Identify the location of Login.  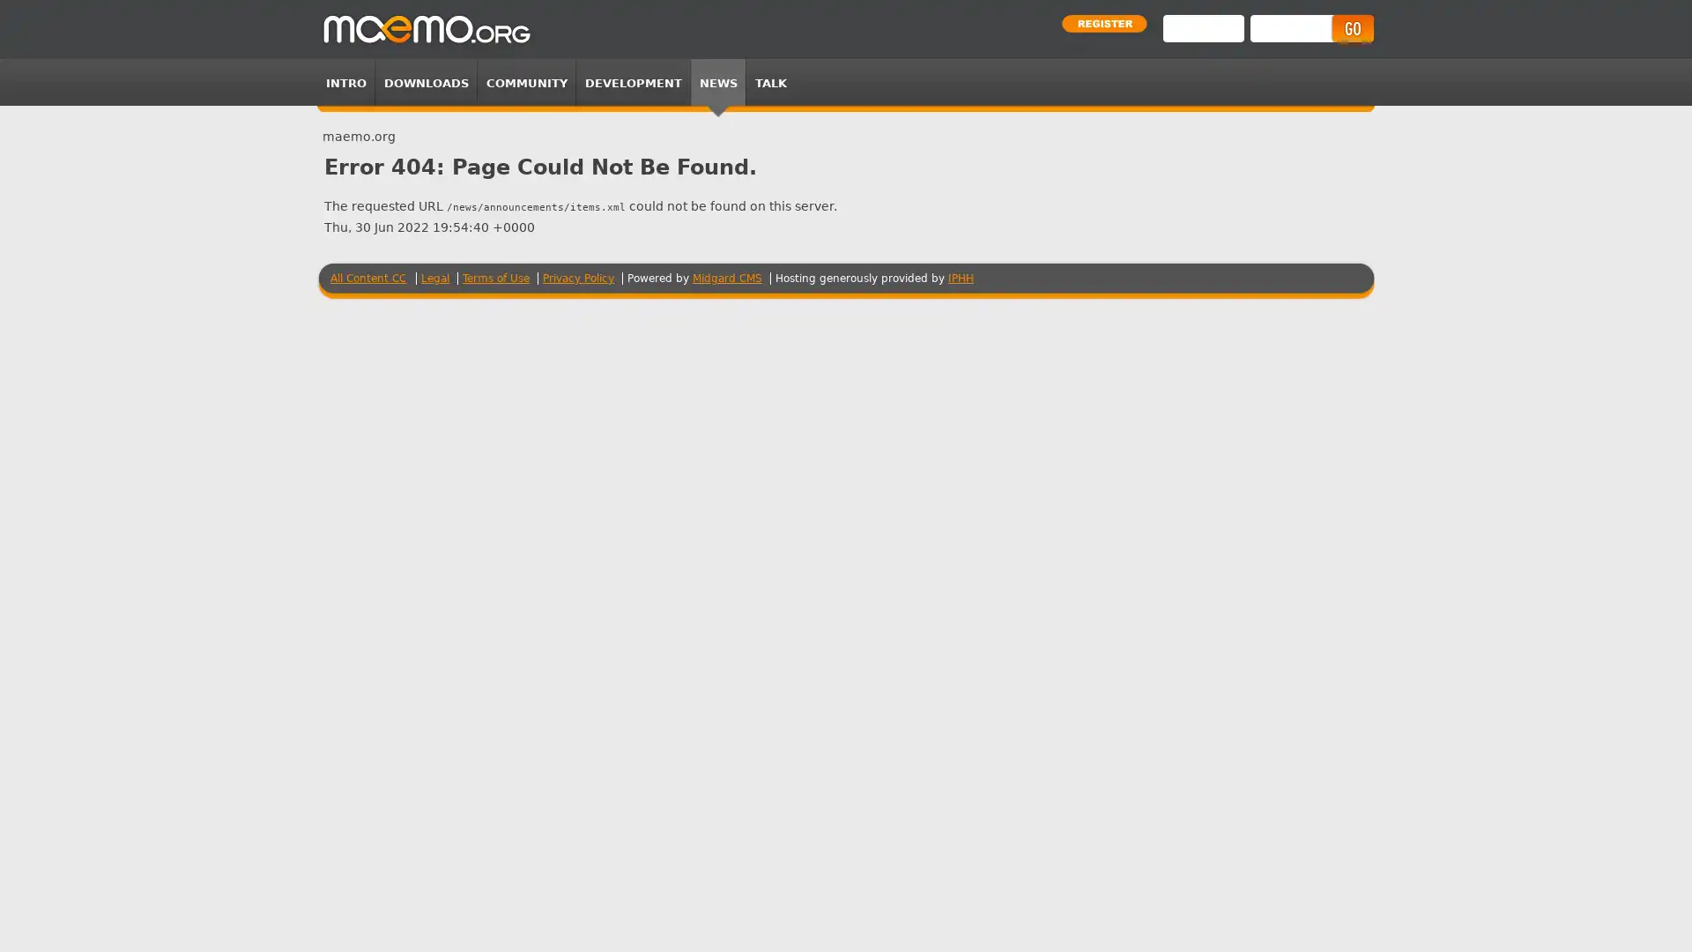
(1351, 28).